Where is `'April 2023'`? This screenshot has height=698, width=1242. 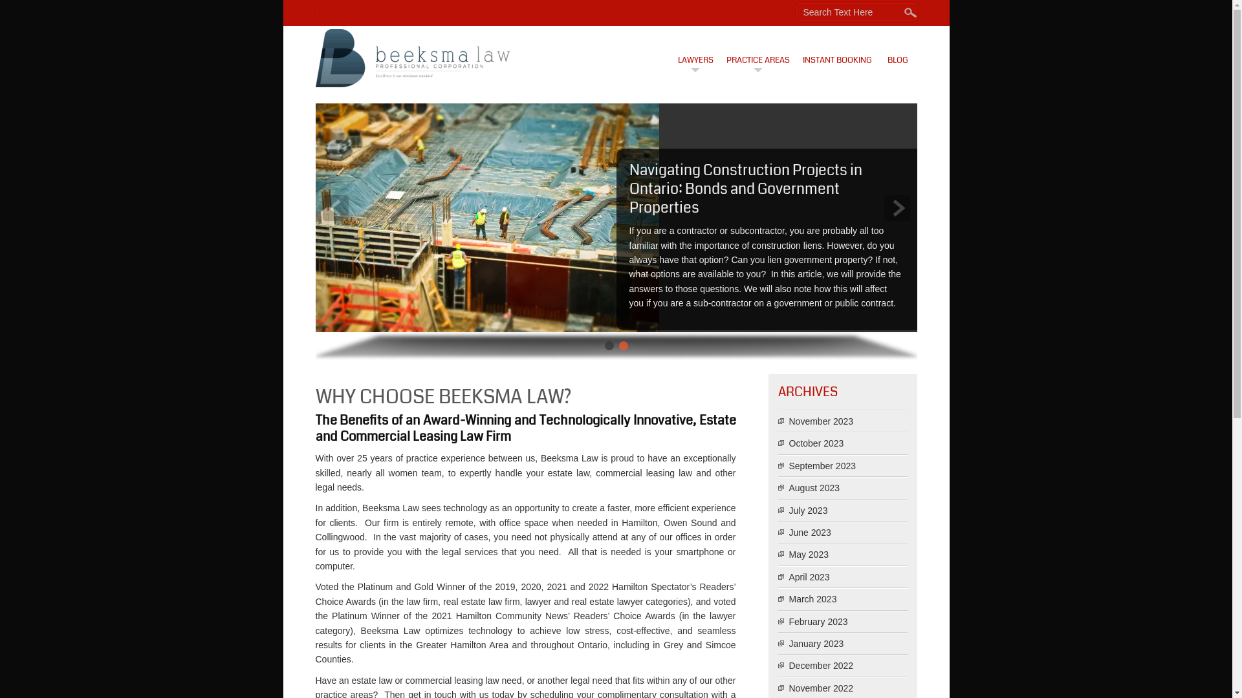
'April 2023' is located at coordinates (809, 576).